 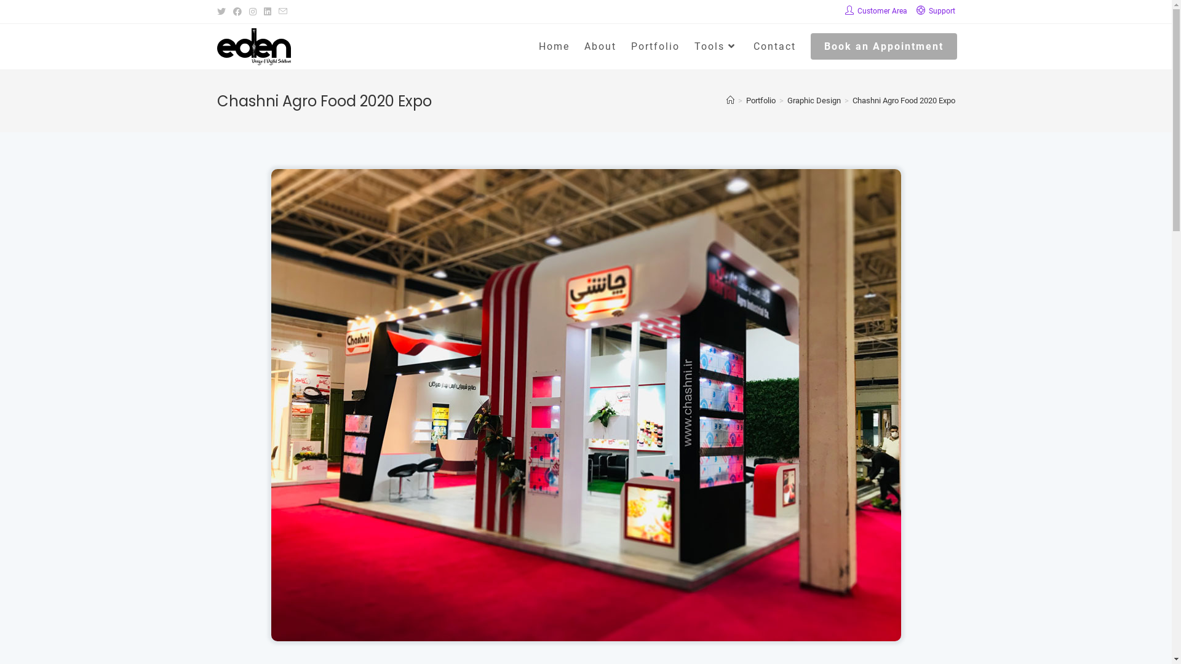 I want to click on 'About', so click(x=600, y=46).